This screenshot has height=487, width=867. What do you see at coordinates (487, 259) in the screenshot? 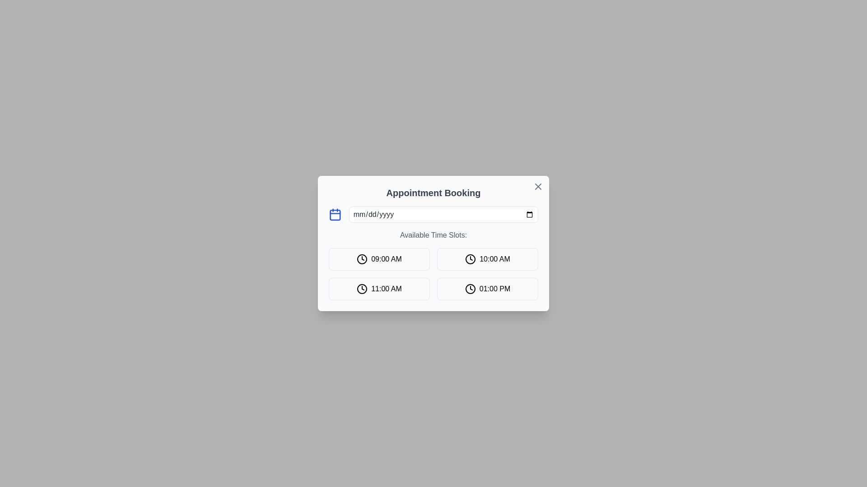
I see `the second button in the grid layout for time slots` at bounding box center [487, 259].